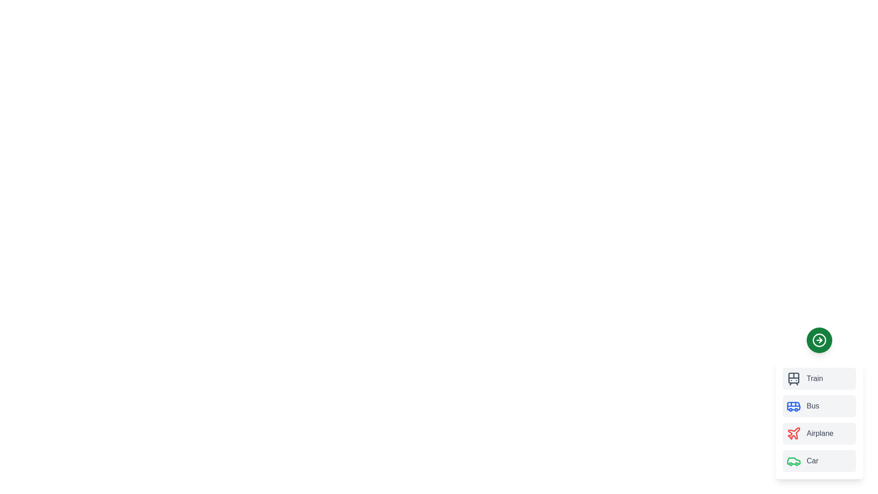  Describe the element at coordinates (819, 461) in the screenshot. I see `the transport mode Car by clicking on its corresponding item in the list` at that location.